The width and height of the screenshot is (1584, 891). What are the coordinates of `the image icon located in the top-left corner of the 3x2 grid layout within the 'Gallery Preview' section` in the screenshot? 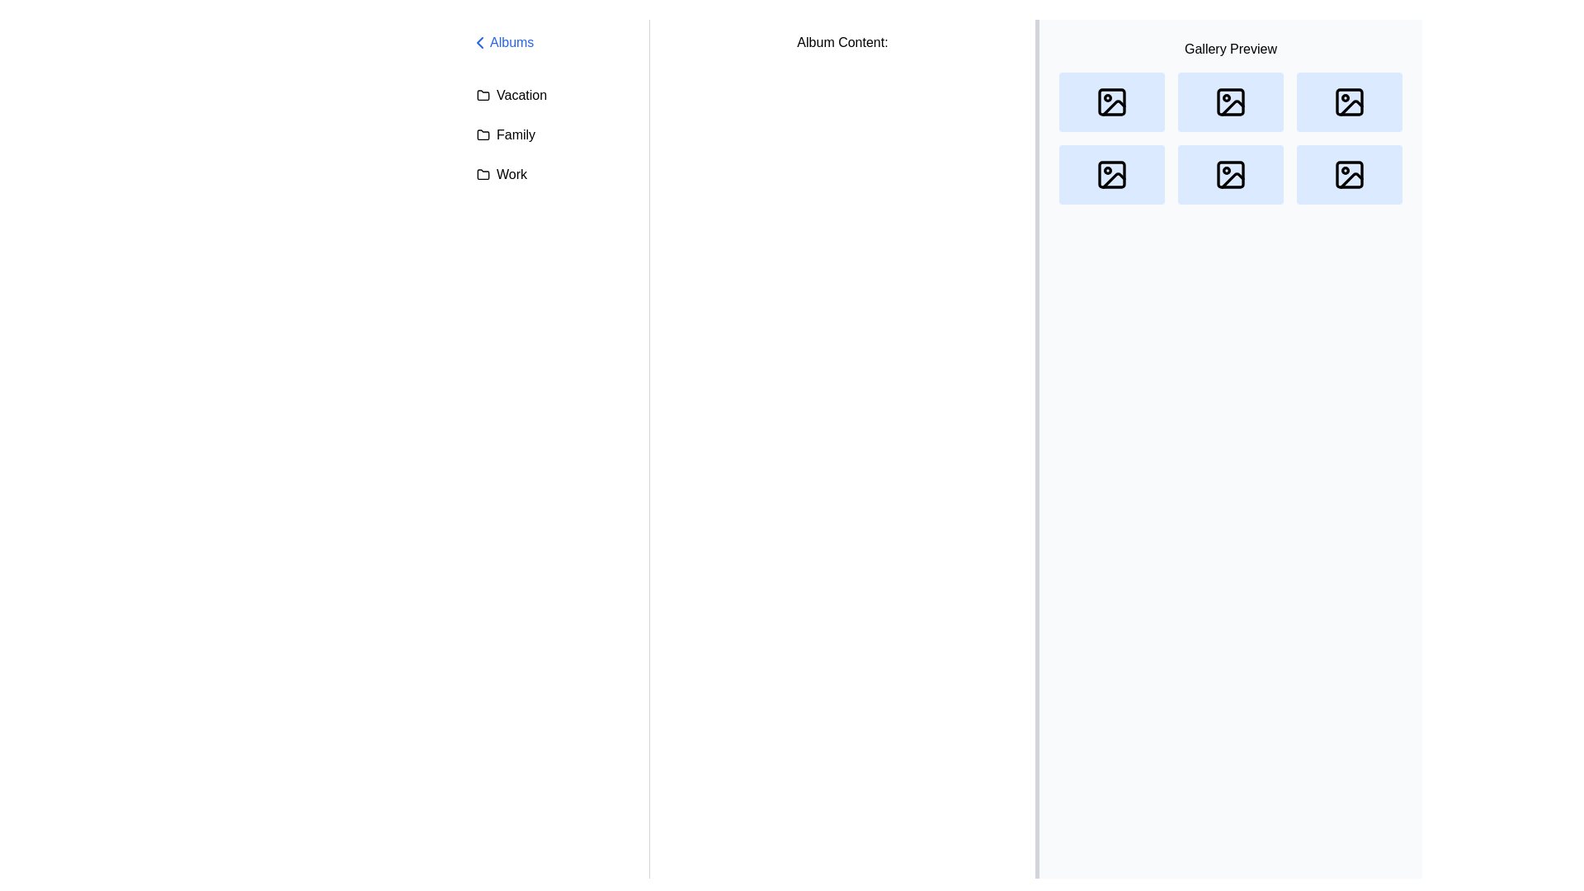 It's located at (1112, 101).